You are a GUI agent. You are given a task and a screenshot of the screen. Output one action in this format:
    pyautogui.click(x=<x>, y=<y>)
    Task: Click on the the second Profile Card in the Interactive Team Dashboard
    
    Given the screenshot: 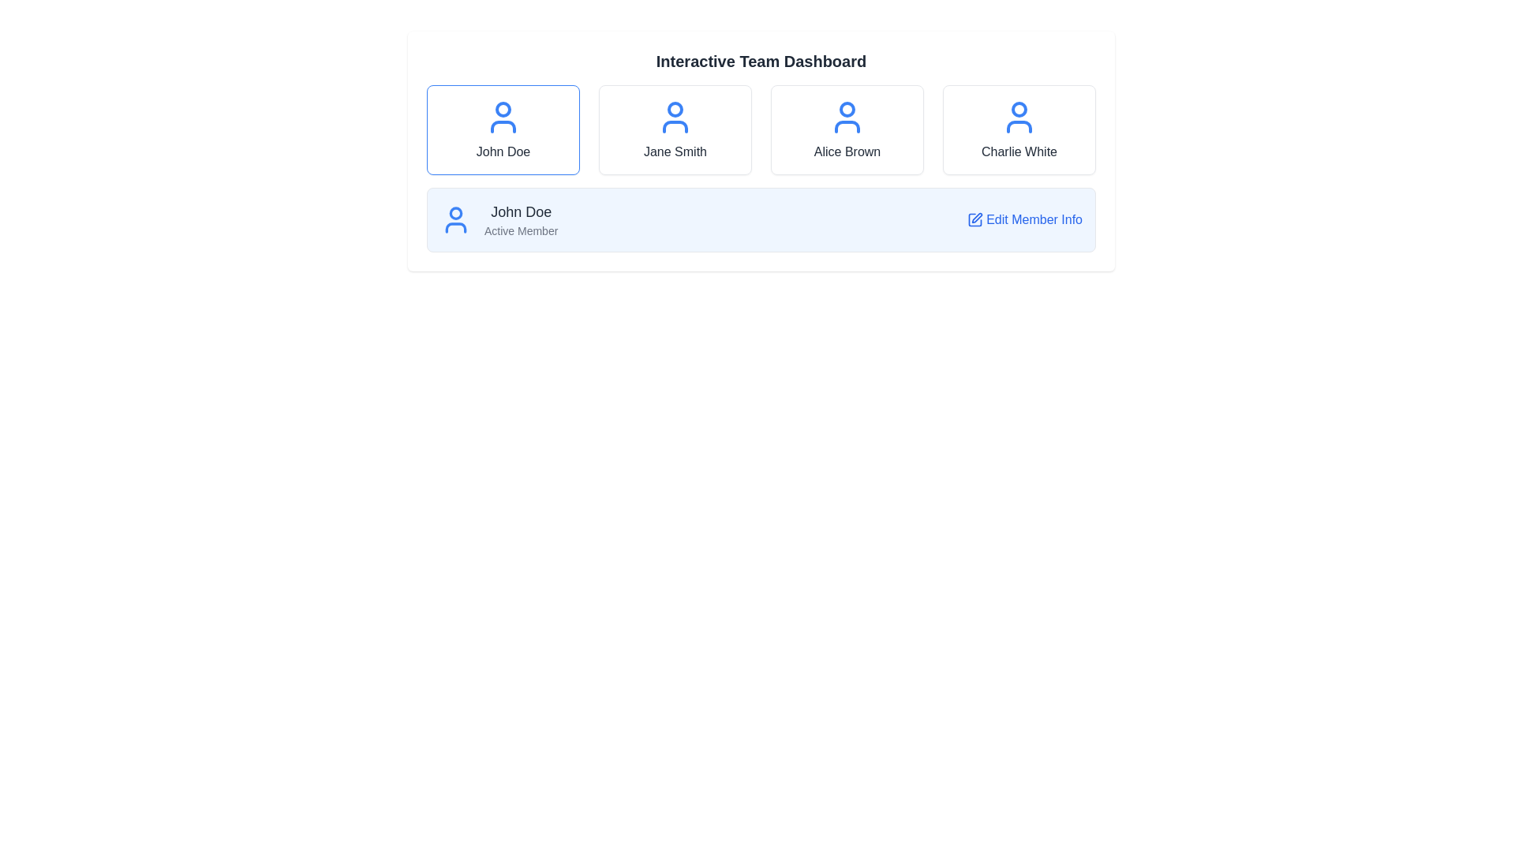 What is the action you would take?
    pyautogui.click(x=675, y=129)
    